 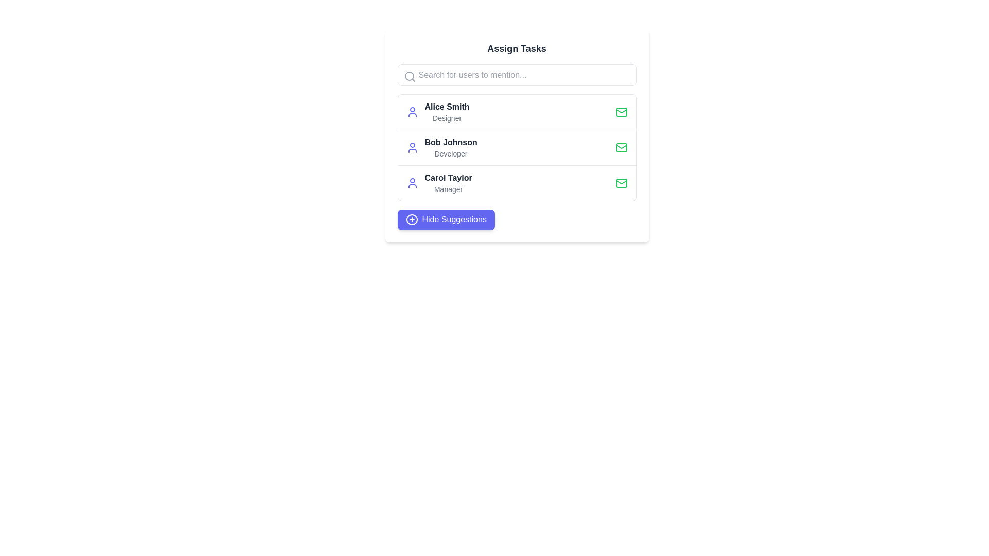 What do you see at coordinates (412, 147) in the screenshot?
I see `the decorative and informative icon representing 'Bob Johnson - Developer' in the second entry of the user profiles list` at bounding box center [412, 147].